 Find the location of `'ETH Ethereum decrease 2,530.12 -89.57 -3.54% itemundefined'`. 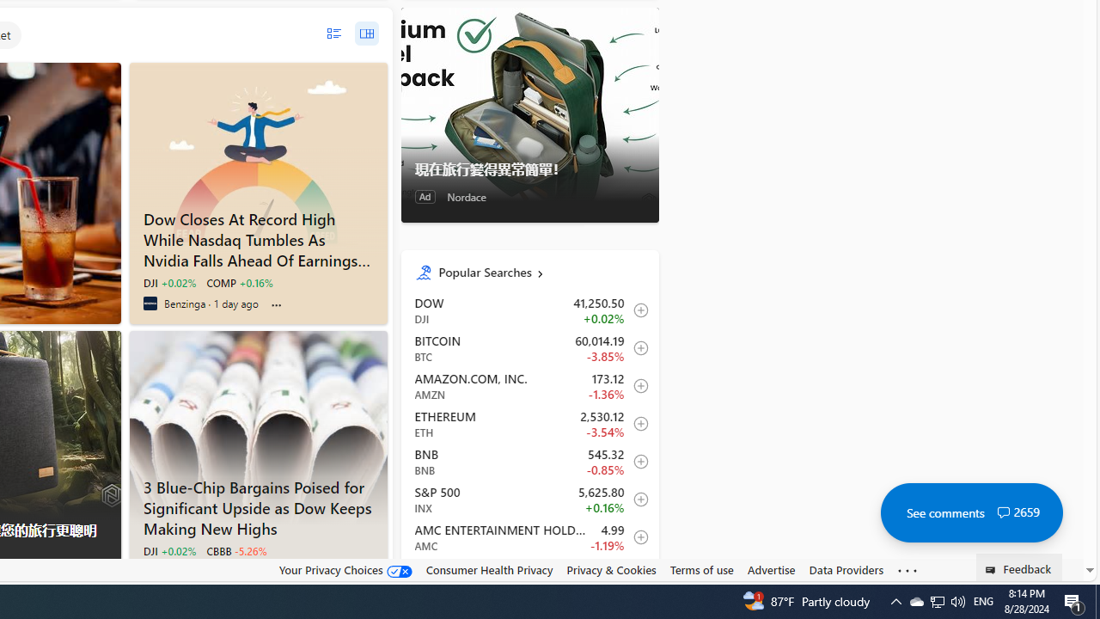

'ETH Ethereum decrease 2,530.12 -89.57 -3.54% itemundefined' is located at coordinates (529, 423).